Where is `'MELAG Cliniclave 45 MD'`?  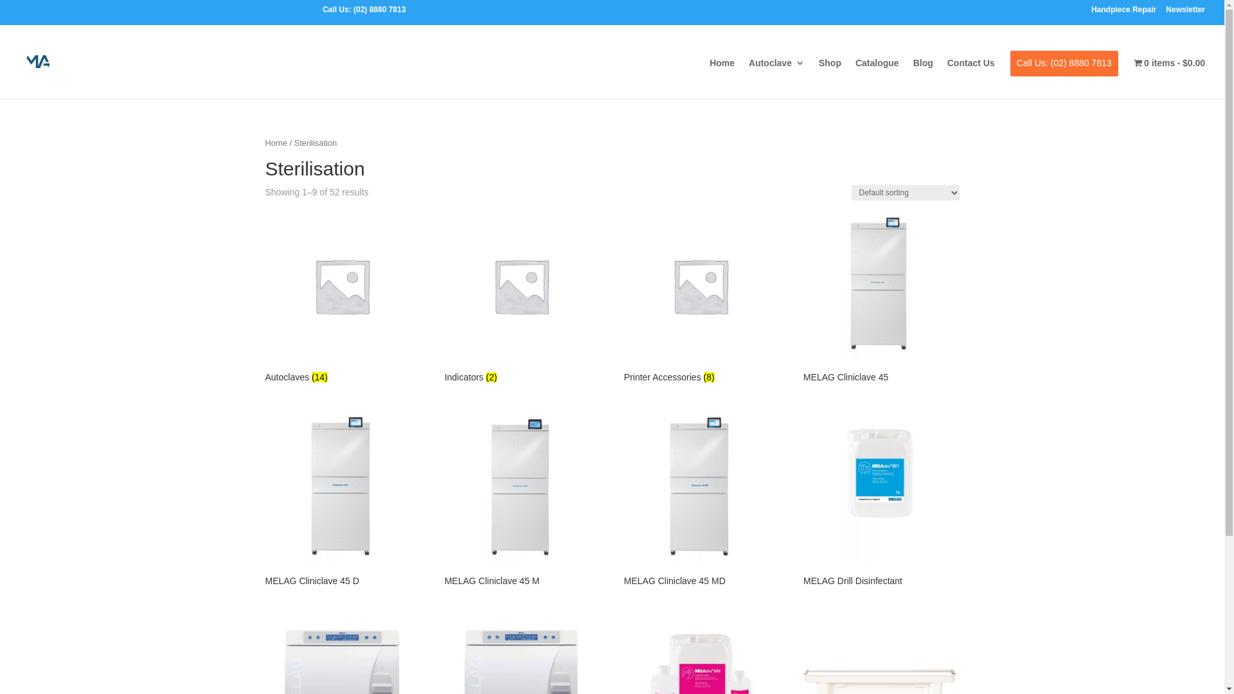 'MELAG Cliniclave 45 MD' is located at coordinates (699, 501).